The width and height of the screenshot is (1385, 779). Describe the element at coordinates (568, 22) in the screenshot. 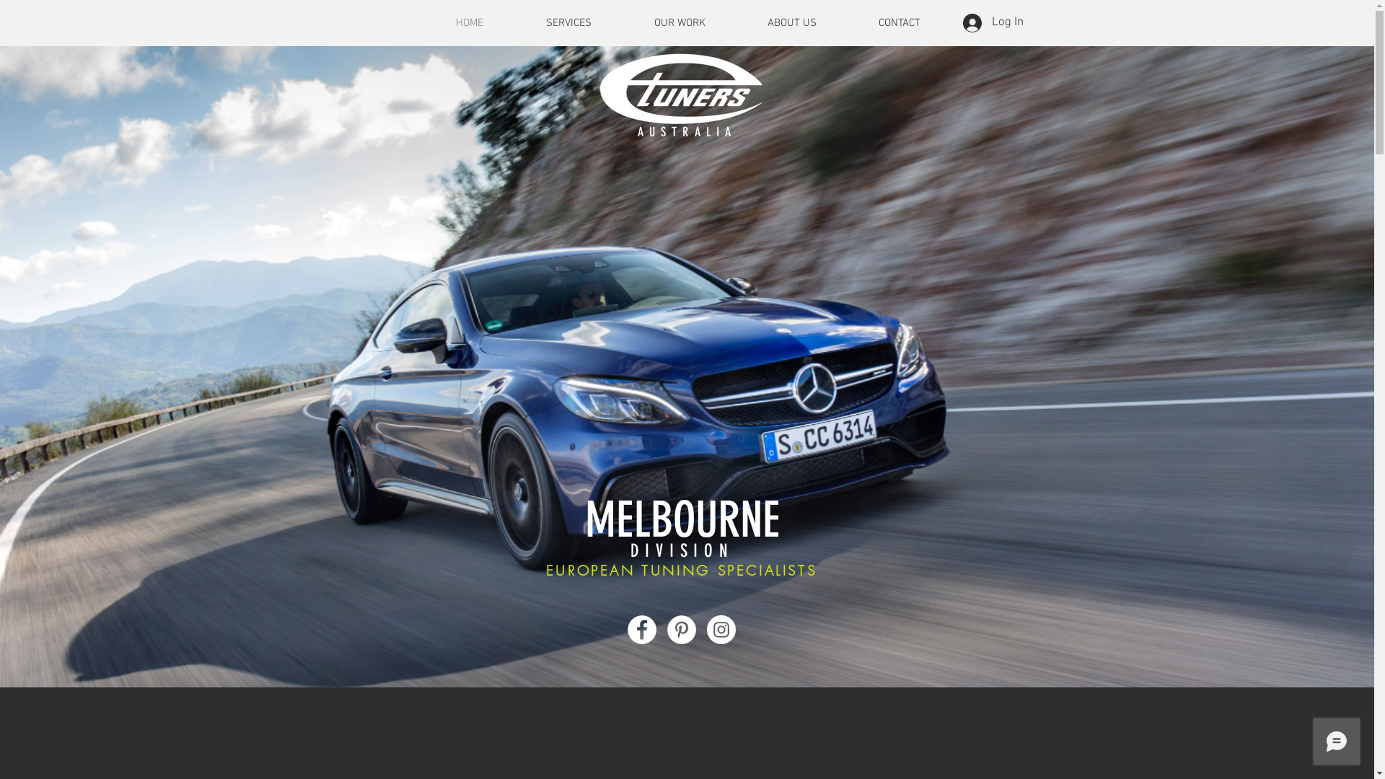

I see `'SERVICES'` at that location.